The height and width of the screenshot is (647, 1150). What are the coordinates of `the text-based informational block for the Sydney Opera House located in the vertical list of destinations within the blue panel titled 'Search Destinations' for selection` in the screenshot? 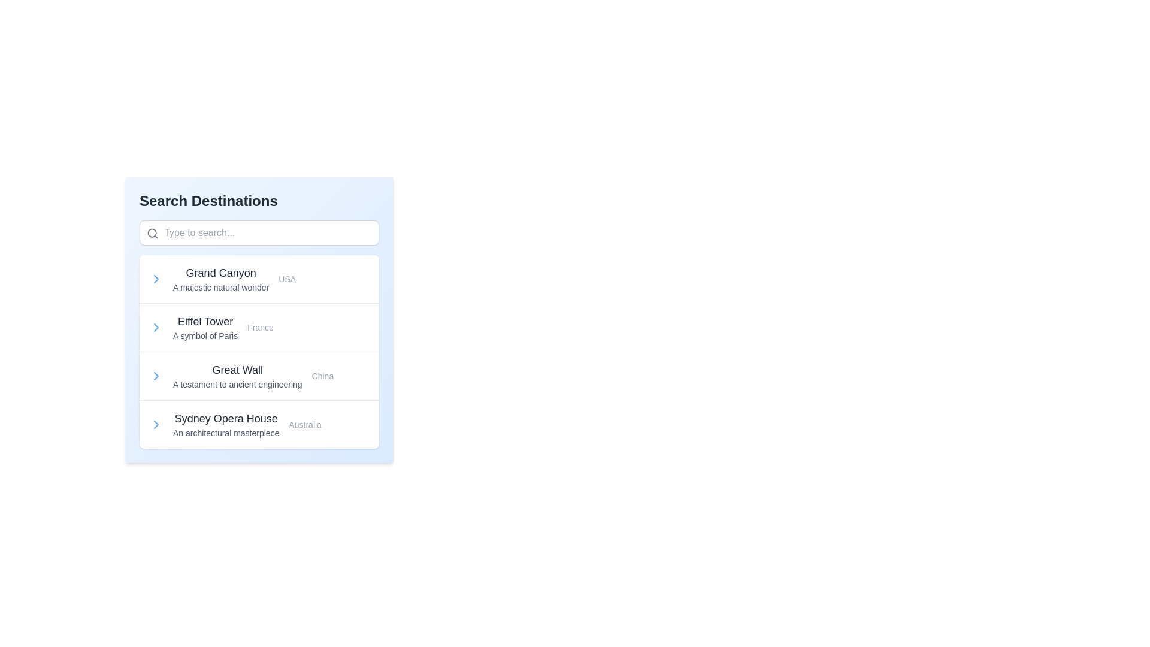 It's located at (226, 424).